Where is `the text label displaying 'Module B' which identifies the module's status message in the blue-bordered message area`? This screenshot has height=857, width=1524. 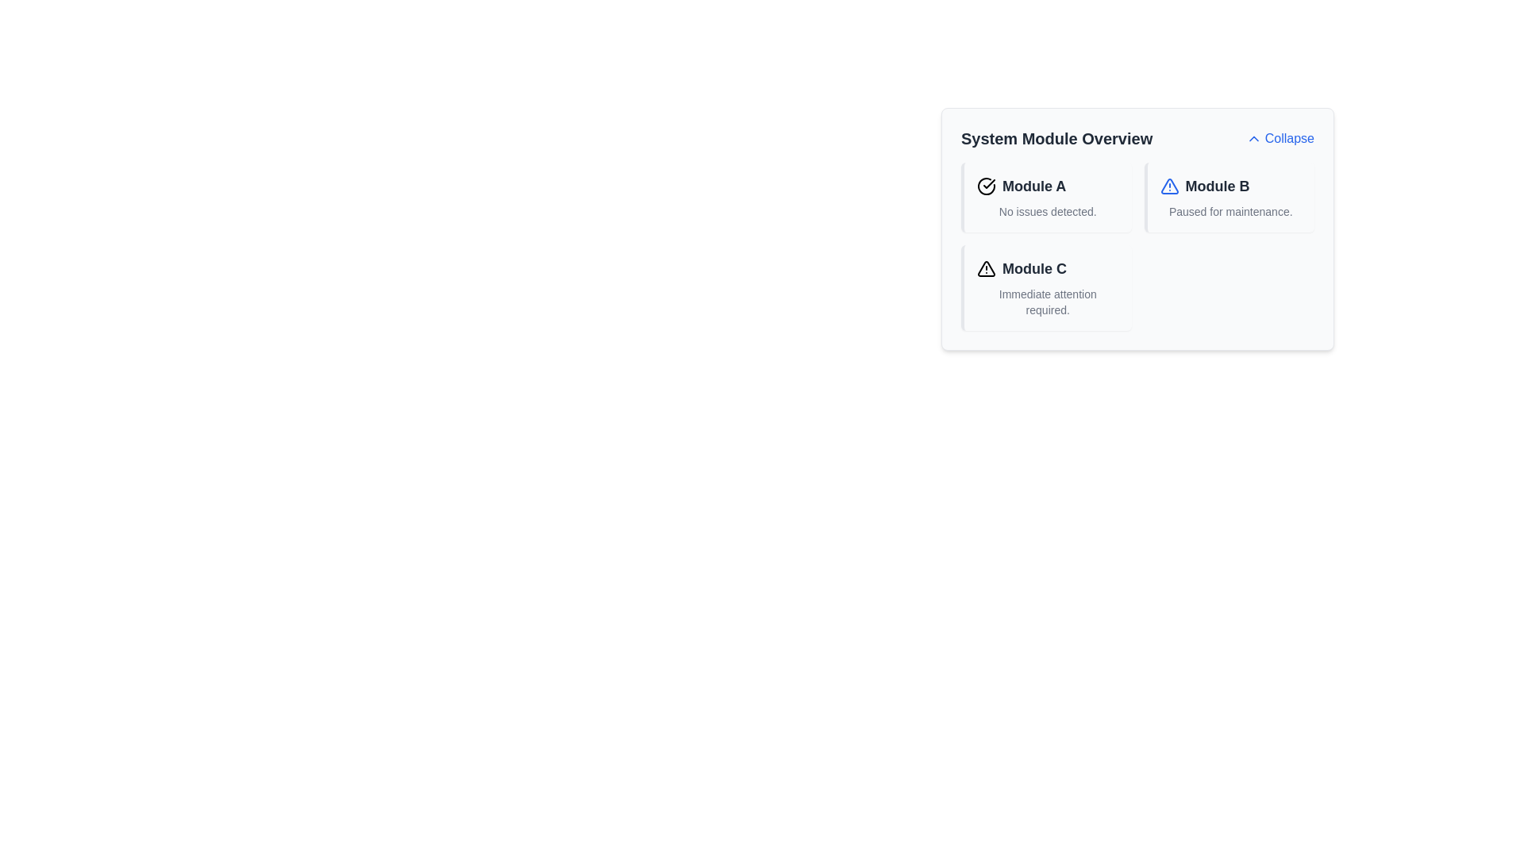 the text label displaying 'Module B' which identifies the module's status message in the blue-bordered message area is located at coordinates (1230, 186).